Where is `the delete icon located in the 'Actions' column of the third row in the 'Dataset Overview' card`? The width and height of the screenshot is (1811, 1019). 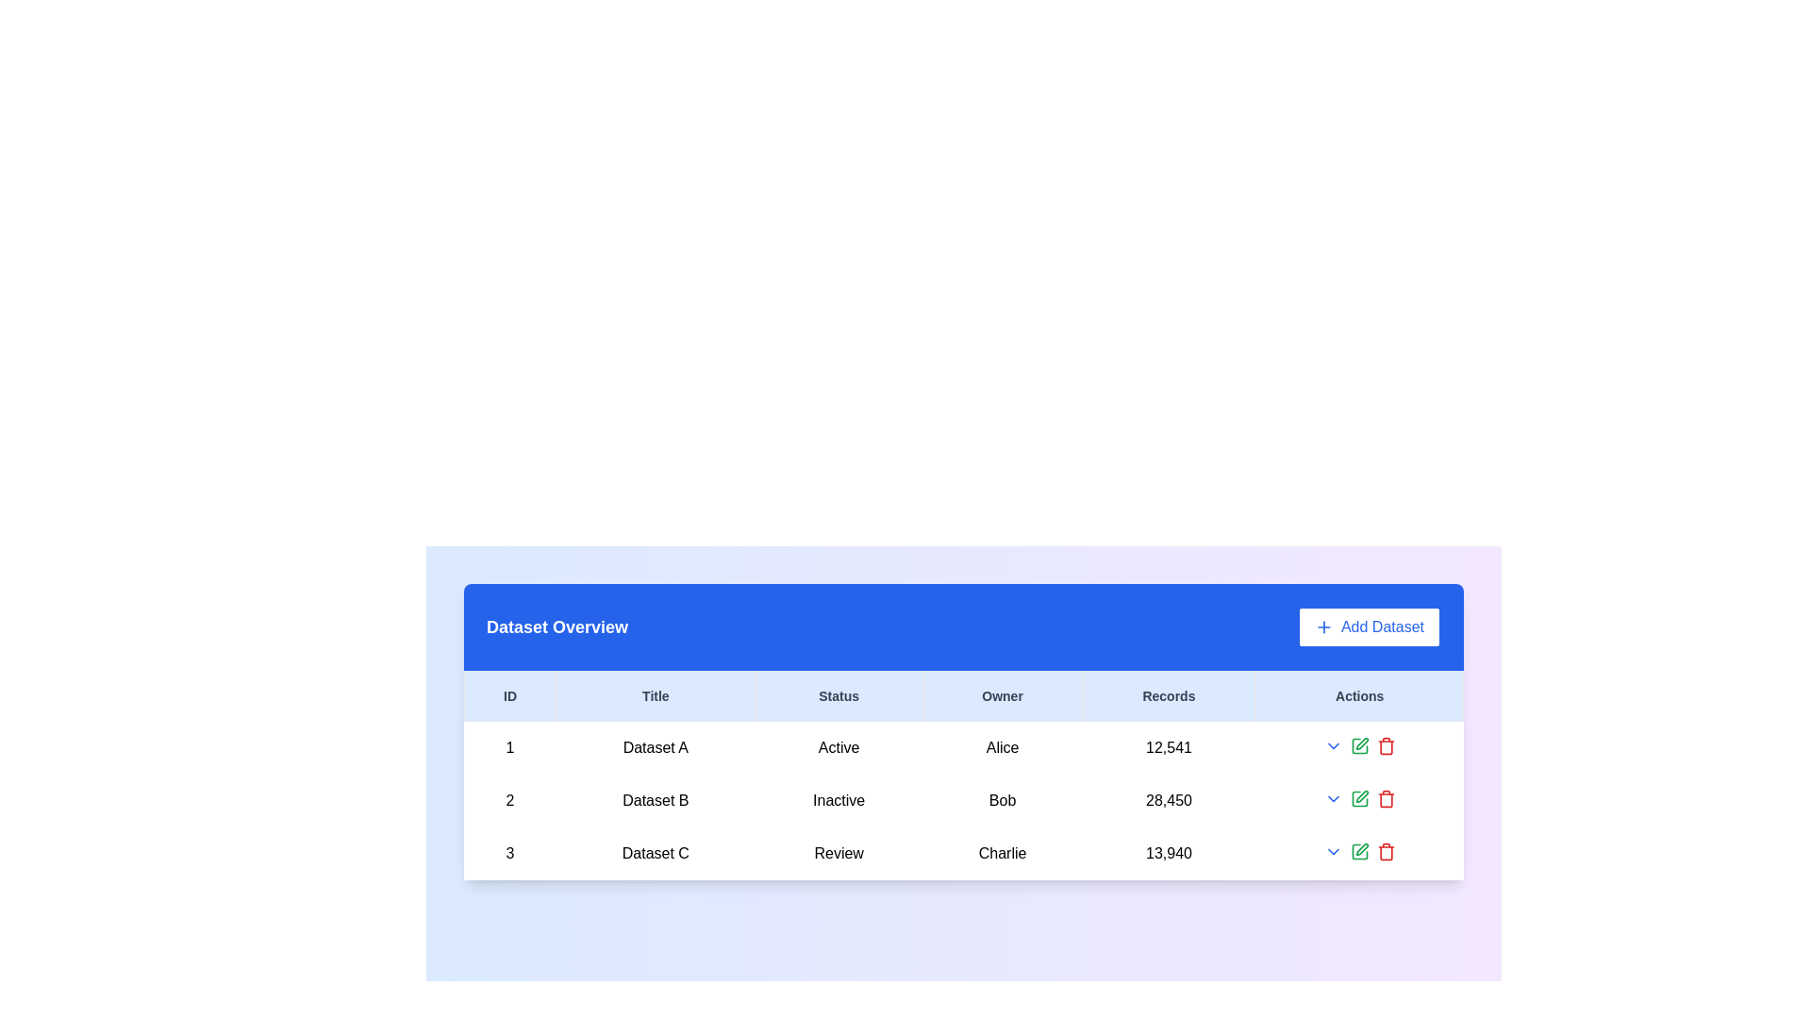 the delete icon located in the 'Actions' column of the third row in the 'Dataset Overview' card is located at coordinates (1386, 746).